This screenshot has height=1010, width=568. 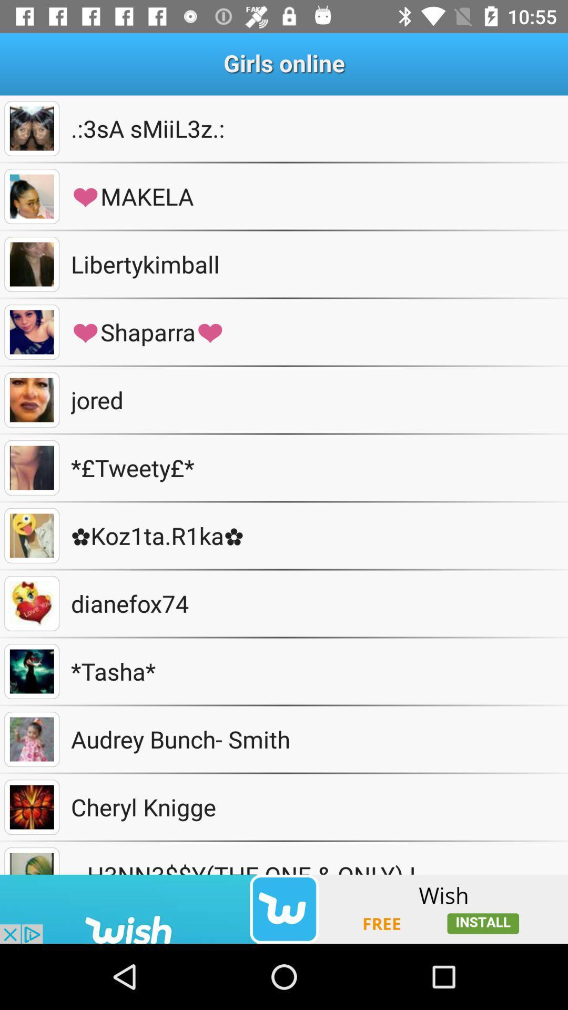 I want to click on profile image, so click(x=31, y=264).